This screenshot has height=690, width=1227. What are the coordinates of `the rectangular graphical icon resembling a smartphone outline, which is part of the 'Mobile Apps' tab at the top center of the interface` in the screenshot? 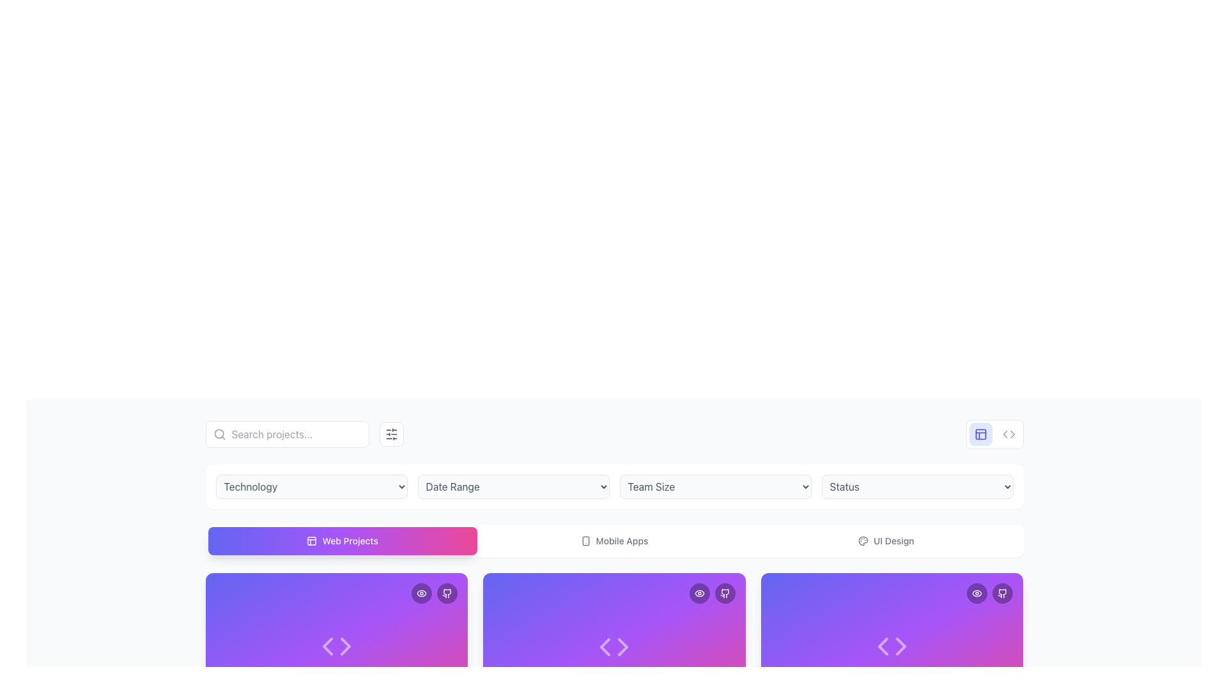 It's located at (585, 541).